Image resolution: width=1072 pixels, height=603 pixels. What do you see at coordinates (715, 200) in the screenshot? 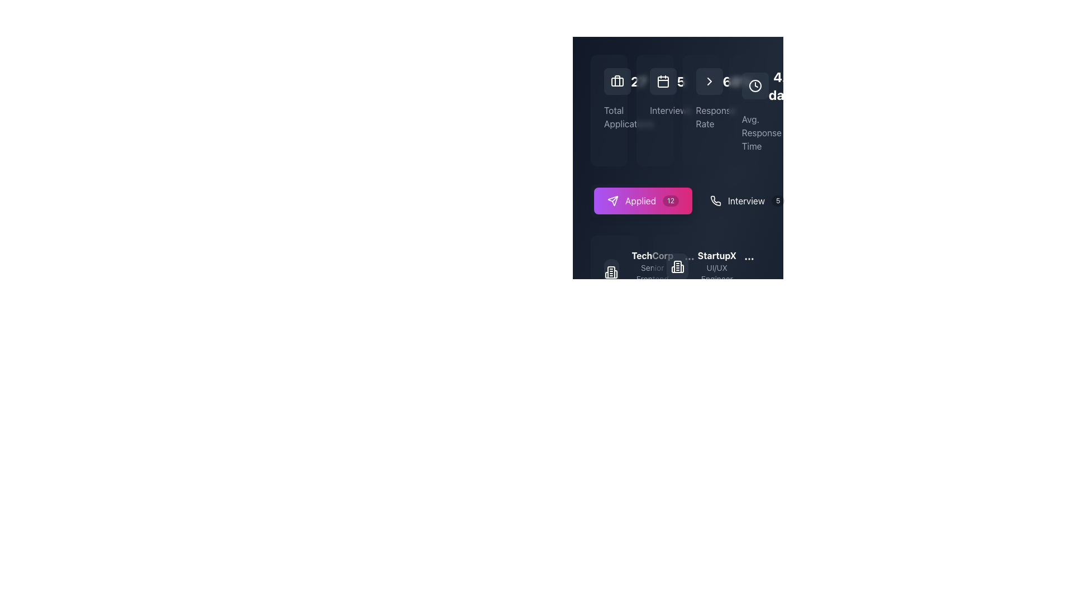
I see `the phone icon that represents the calling or interview scheduling feature, located to the left of the text 'Interview 5'` at bounding box center [715, 200].